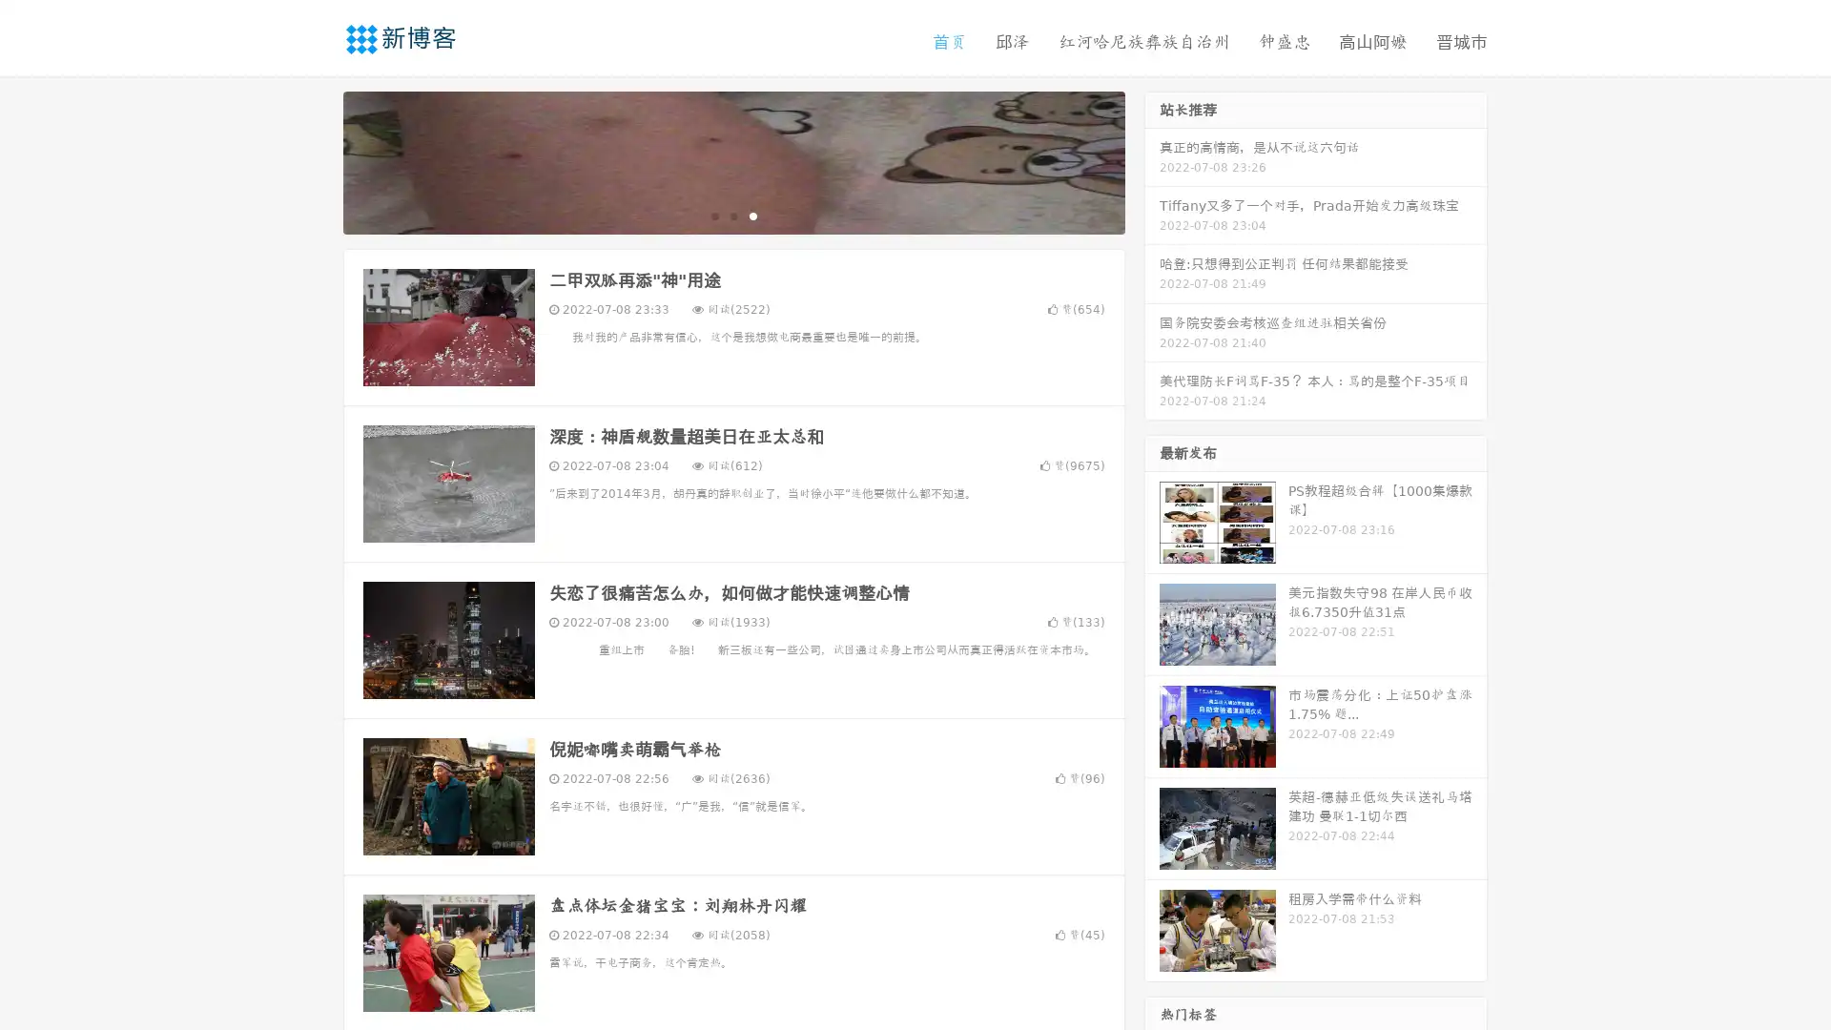 The image size is (1831, 1030). What do you see at coordinates (752, 215) in the screenshot?
I see `Go to slide 3` at bounding box center [752, 215].